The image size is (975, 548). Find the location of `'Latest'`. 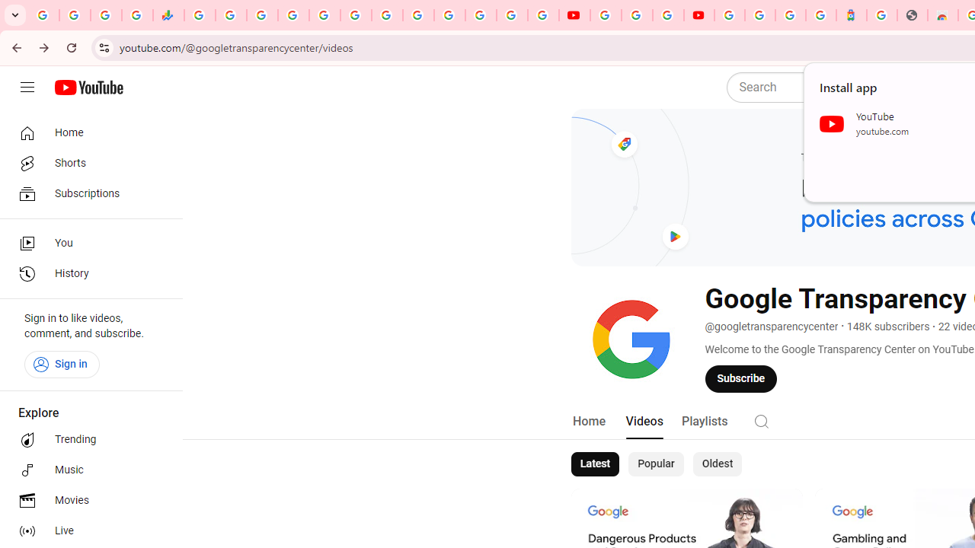

'Latest' is located at coordinates (593, 463).